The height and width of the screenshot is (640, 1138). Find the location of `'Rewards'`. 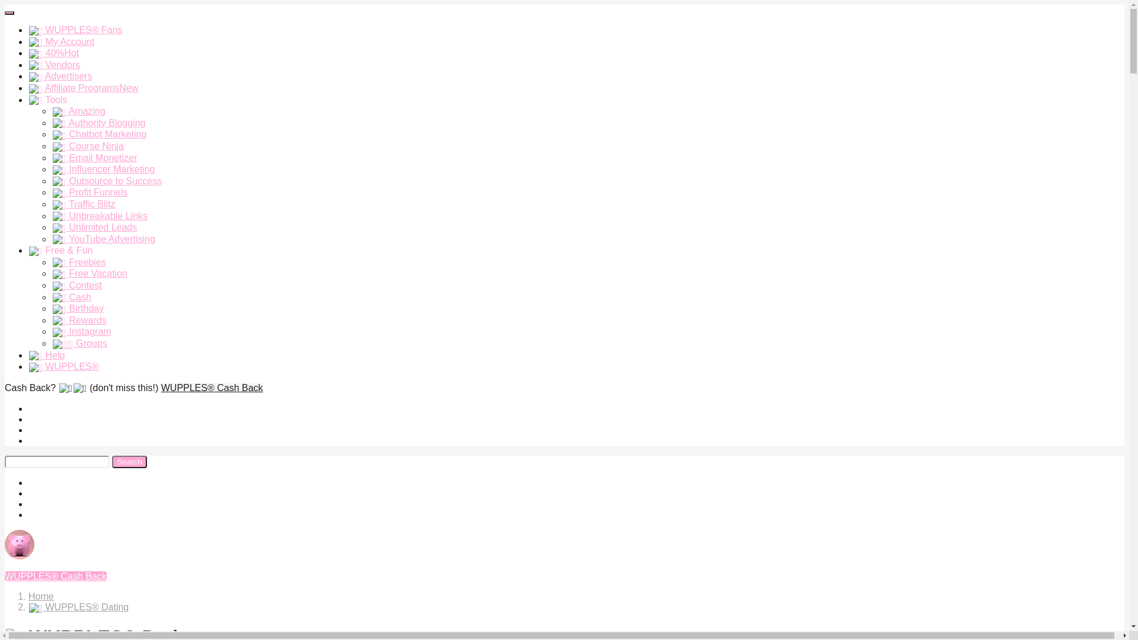

'Rewards' is located at coordinates (79, 320).